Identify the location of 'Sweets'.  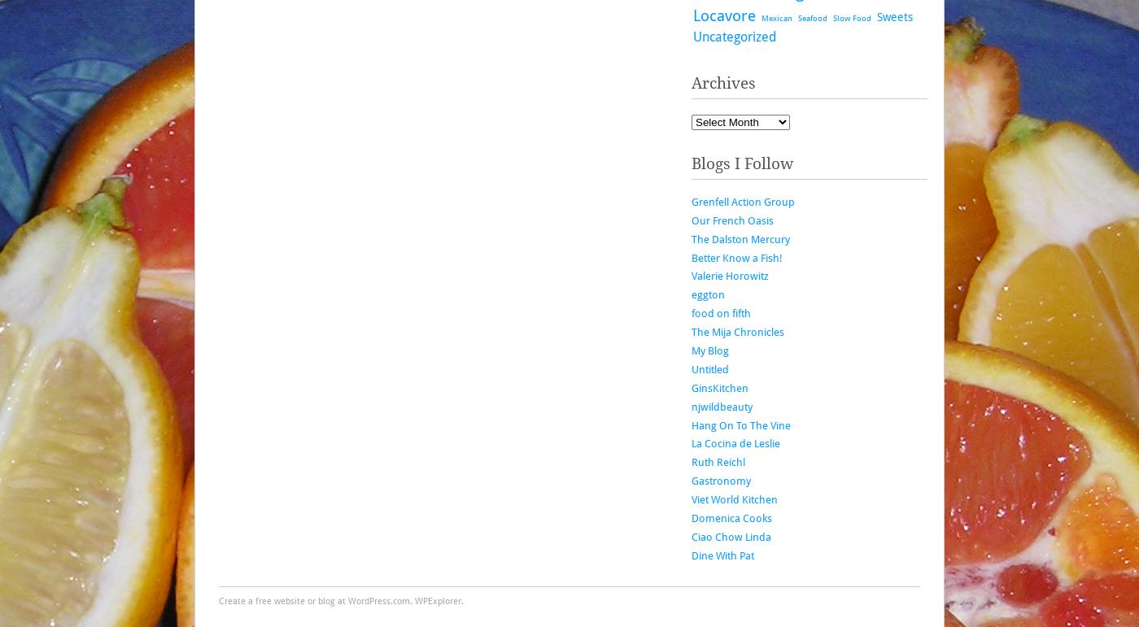
(877, 15).